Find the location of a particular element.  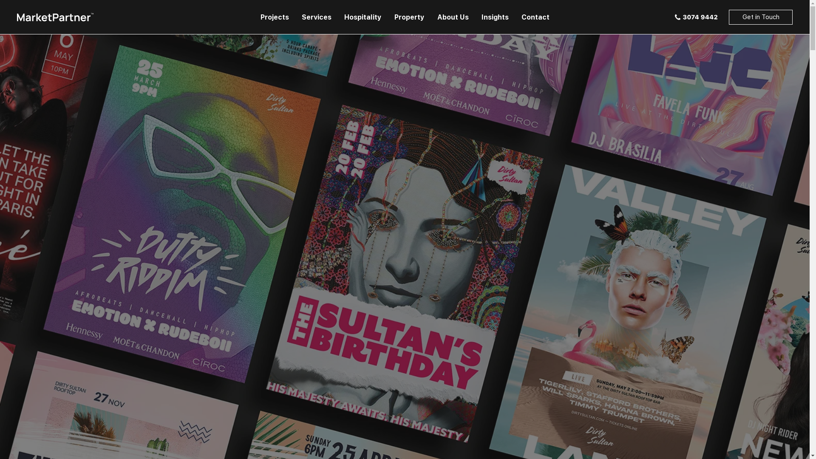

'Contact' is located at coordinates (535, 17).